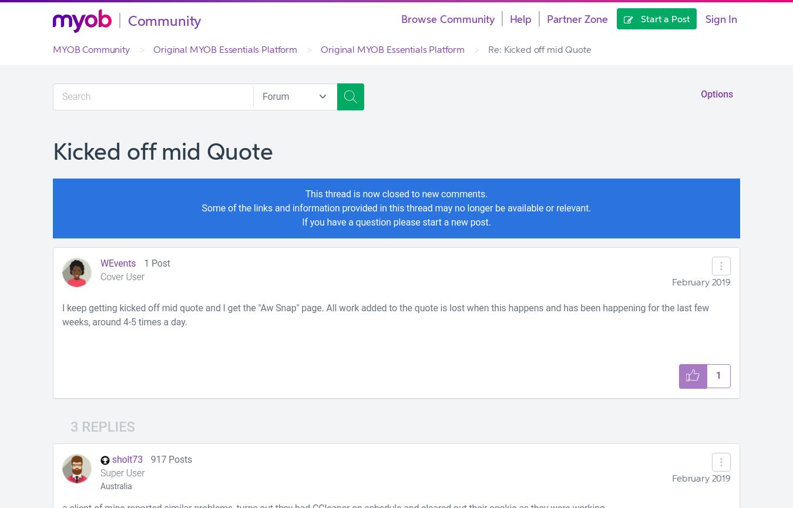  Describe the element at coordinates (116, 485) in the screenshot. I see `'Australia'` at that location.